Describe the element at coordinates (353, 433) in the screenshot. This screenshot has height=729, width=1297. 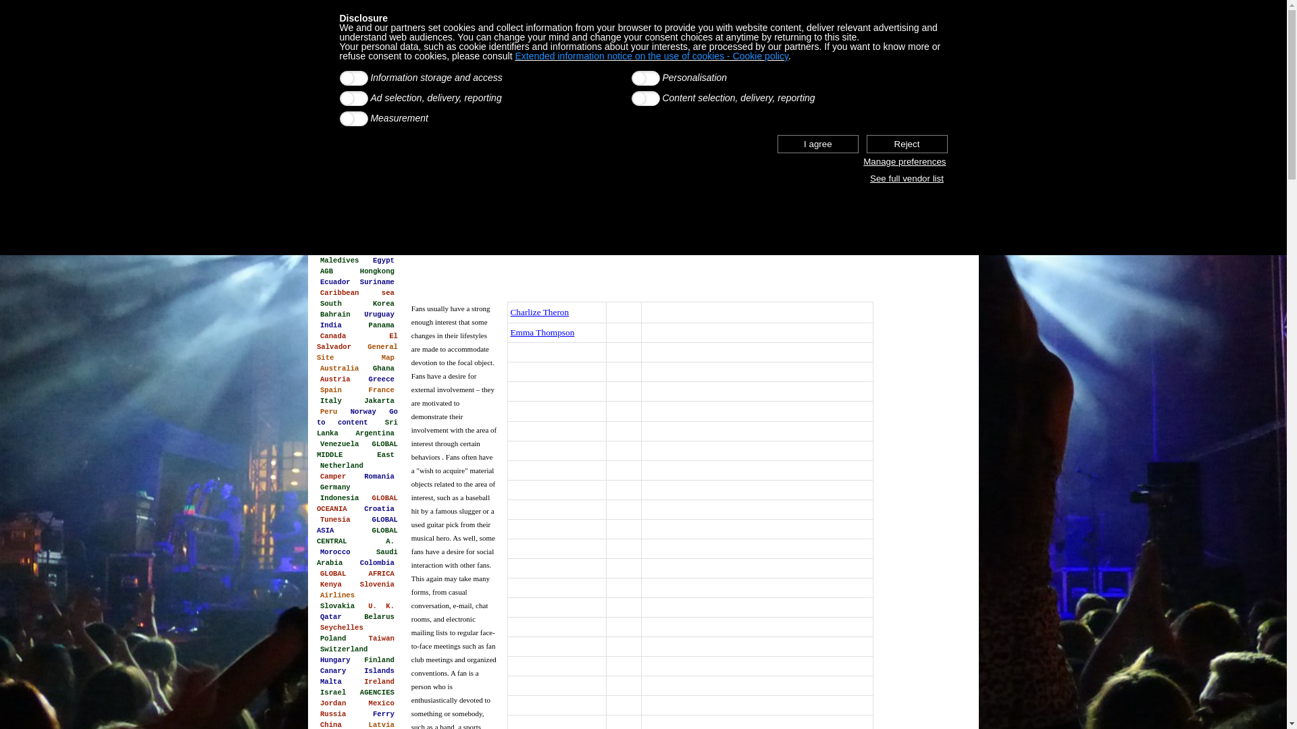
I see `'Argentina'` at that location.